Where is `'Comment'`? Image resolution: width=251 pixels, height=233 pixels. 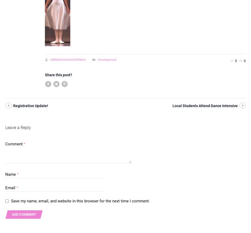
'Comment' is located at coordinates (15, 144).